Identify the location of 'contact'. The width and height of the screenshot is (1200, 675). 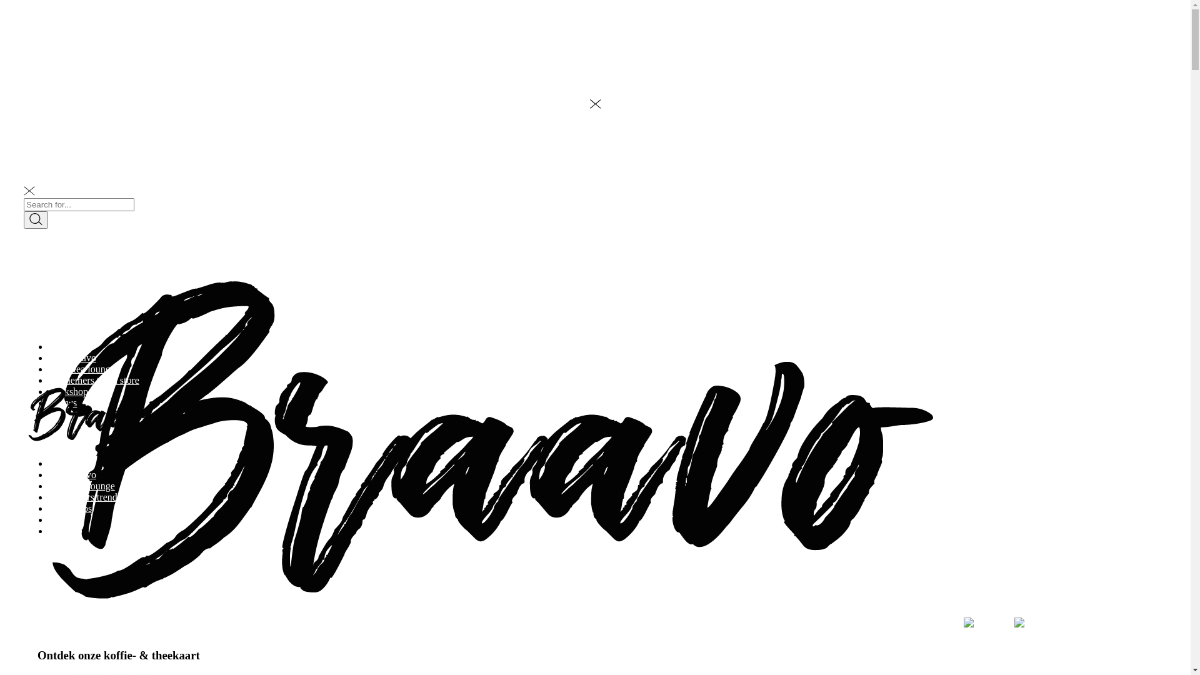
(48, 531).